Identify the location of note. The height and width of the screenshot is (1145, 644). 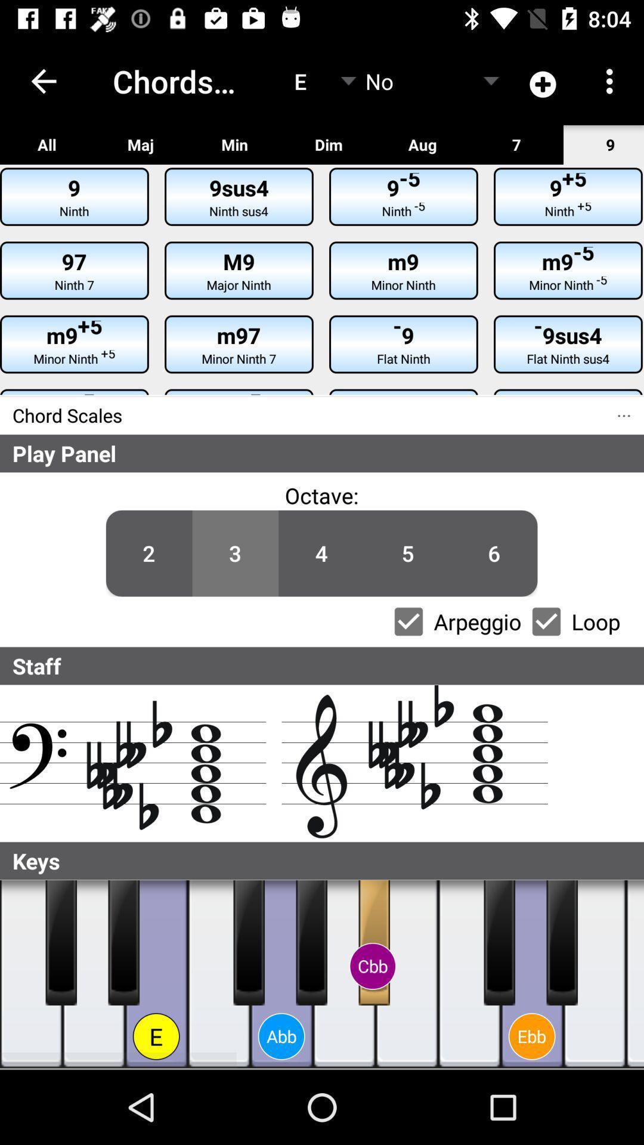
(248, 942).